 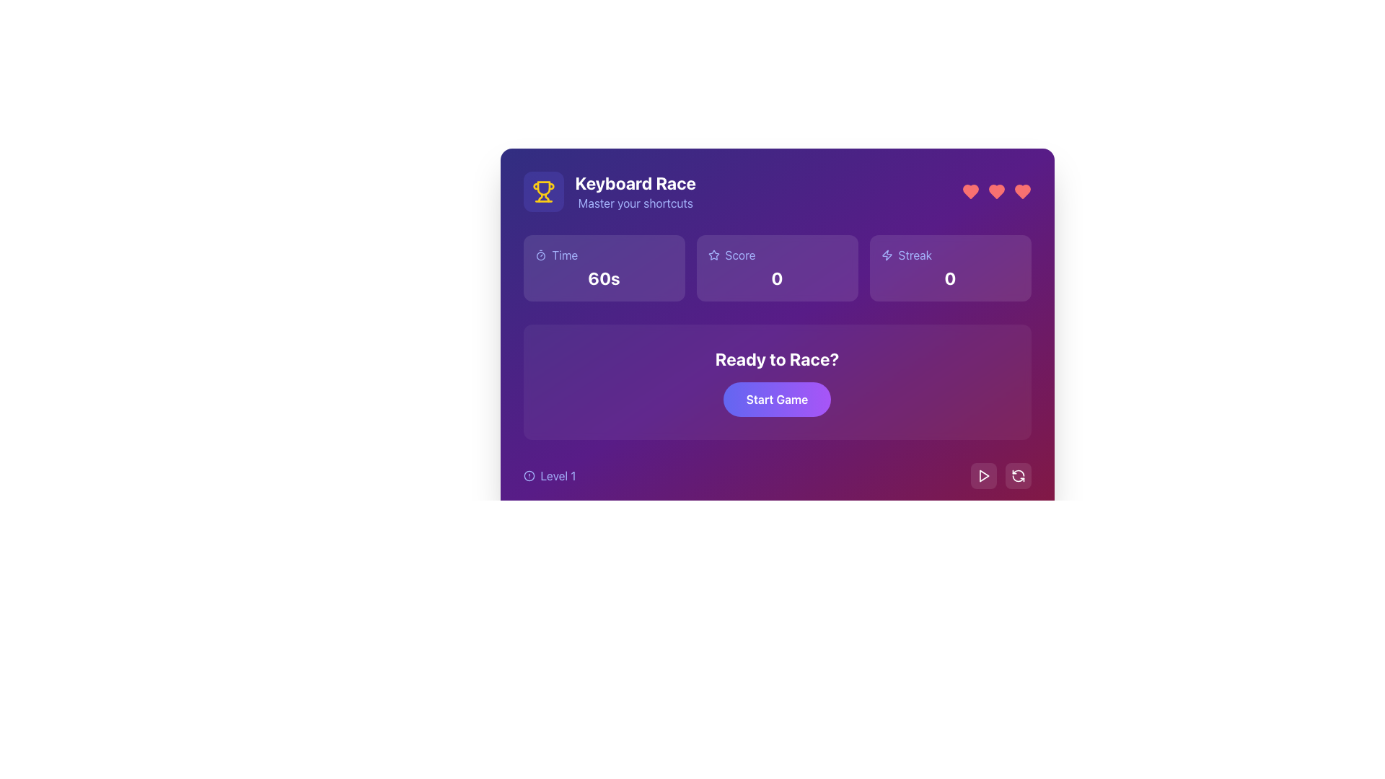 What do you see at coordinates (610, 191) in the screenshot?
I see `the Composite element containing a trophy icon and the text 'Keyboard Race' with the subtitle 'Master your shortcuts' located in the top-left corner of the interface` at bounding box center [610, 191].